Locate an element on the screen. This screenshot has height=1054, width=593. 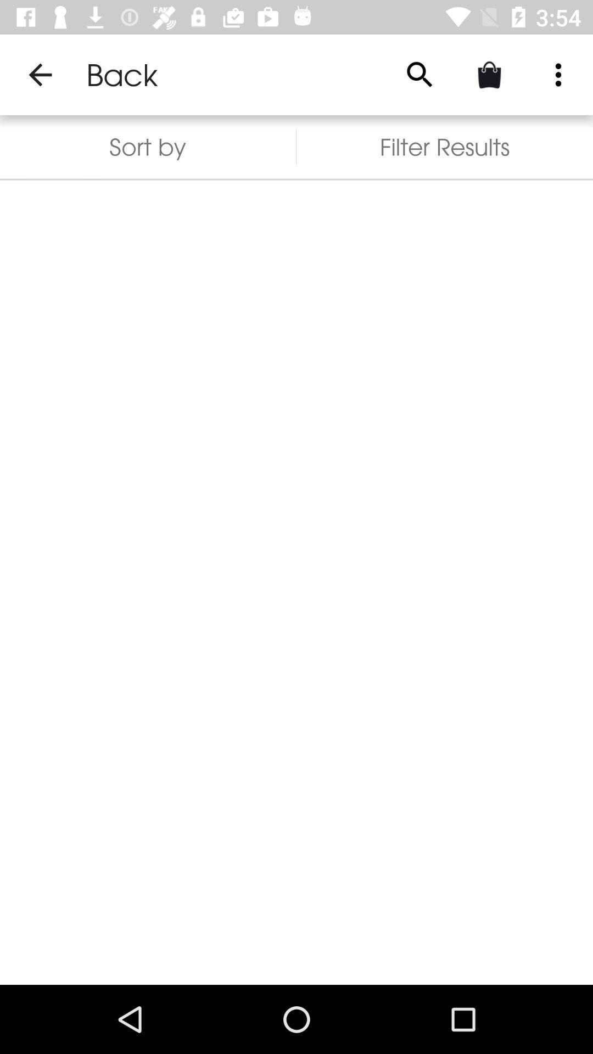
the icon to the right of sort by is located at coordinates (445, 146).